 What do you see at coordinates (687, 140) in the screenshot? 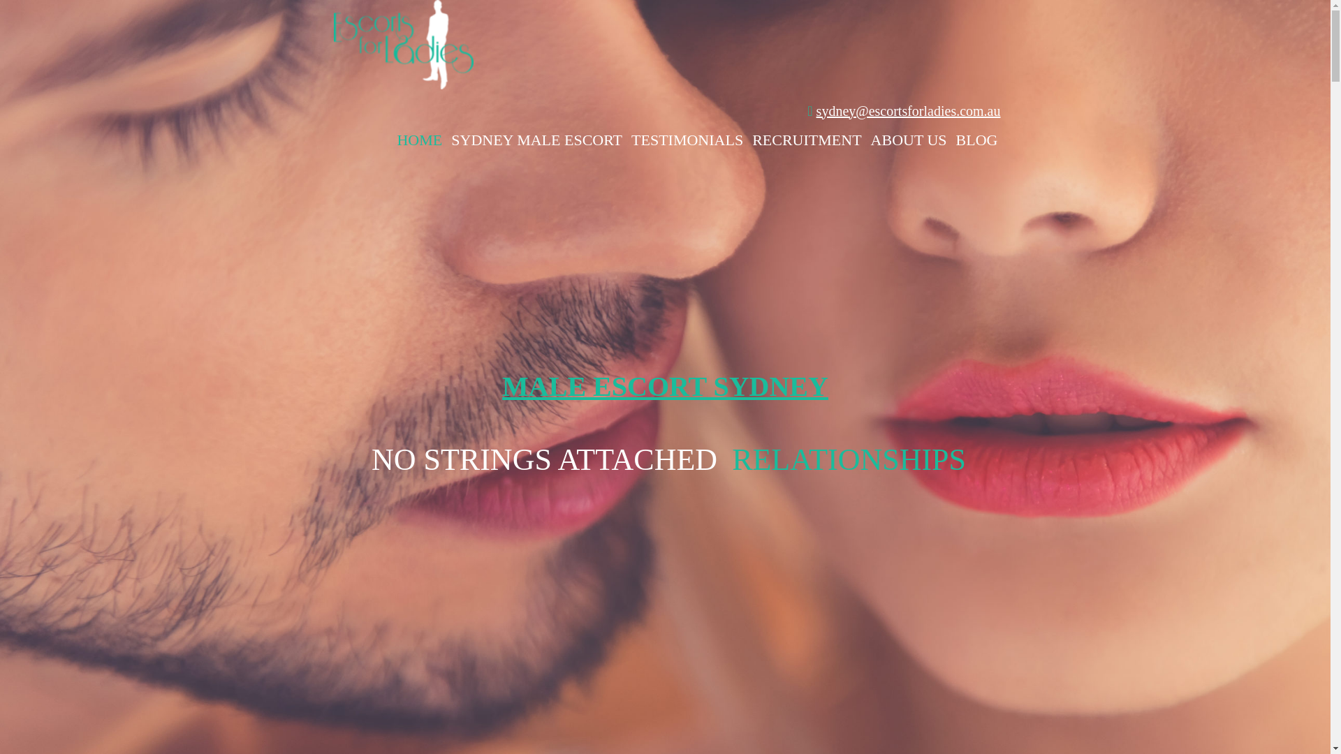
I see `'TESTIMONIALS'` at bounding box center [687, 140].